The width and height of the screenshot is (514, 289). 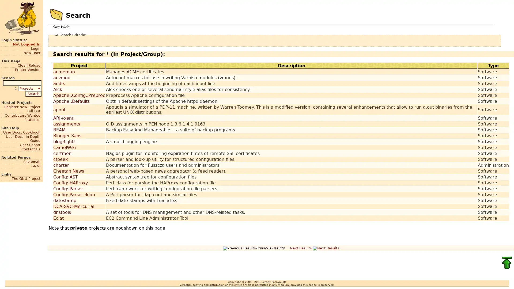 I want to click on Search, so click(x=33, y=93).